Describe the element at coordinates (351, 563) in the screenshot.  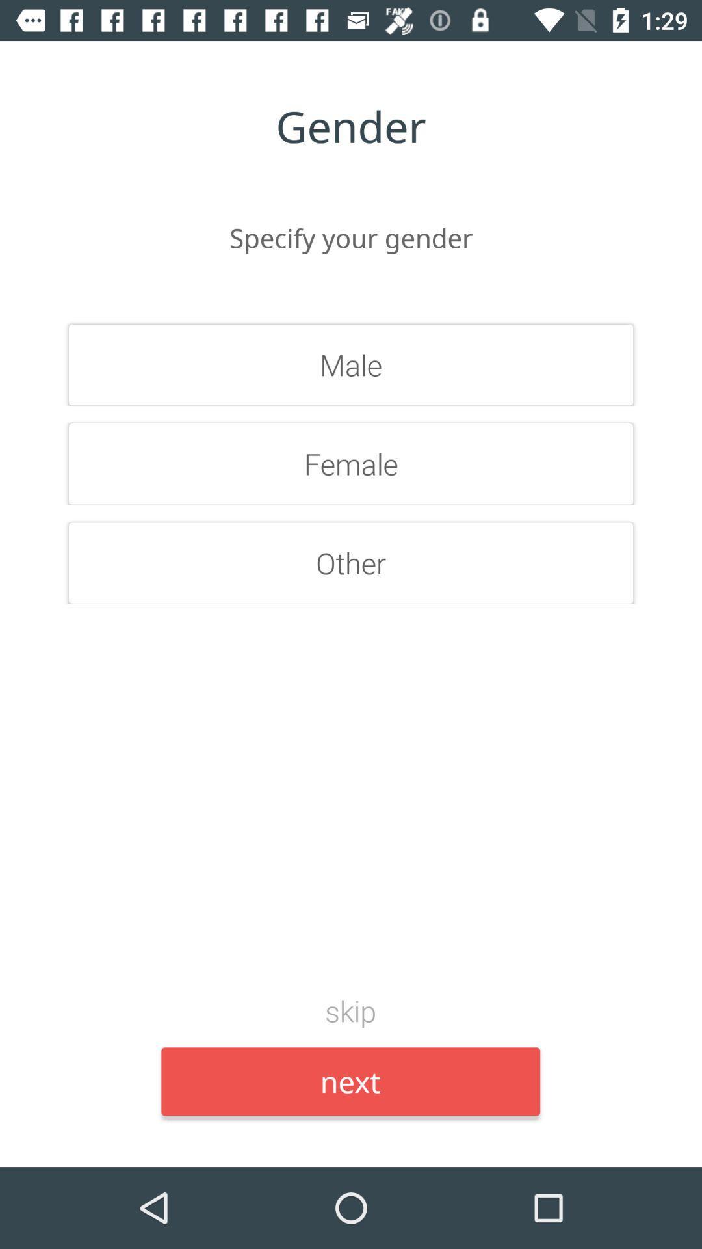
I see `item above skip item` at that location.